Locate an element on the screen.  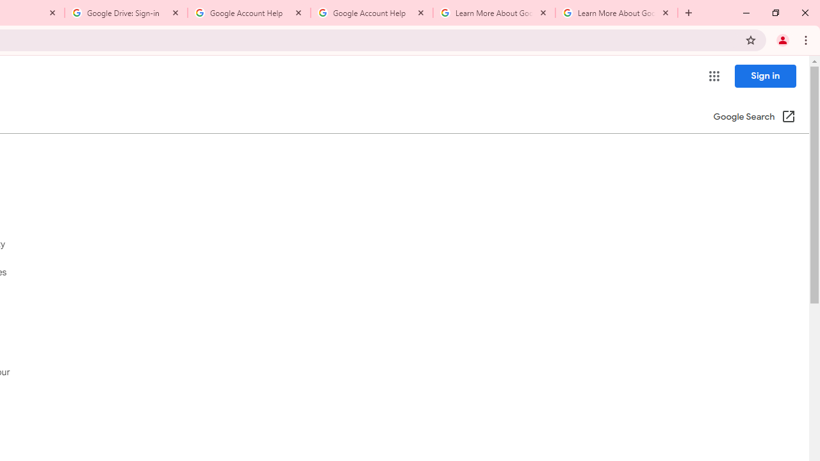
'Google Search (Open in a new window)' is located at coordinates (755, 117).